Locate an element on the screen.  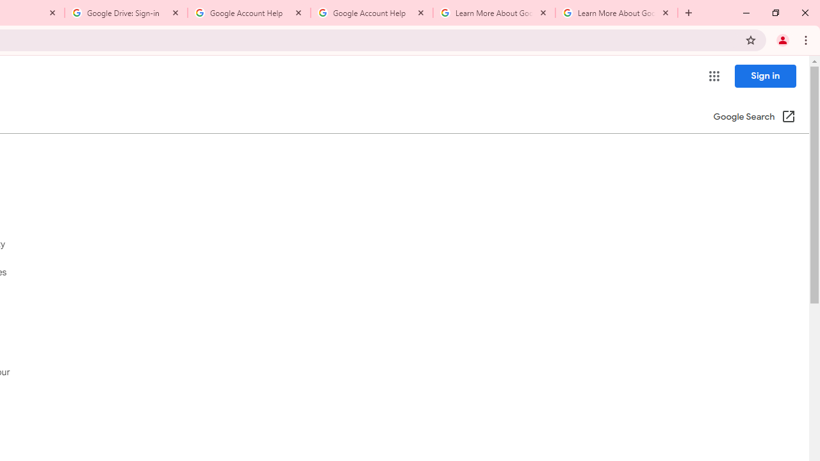
'Google Search (Open in a new window)' is located at coordinates (755, 117).